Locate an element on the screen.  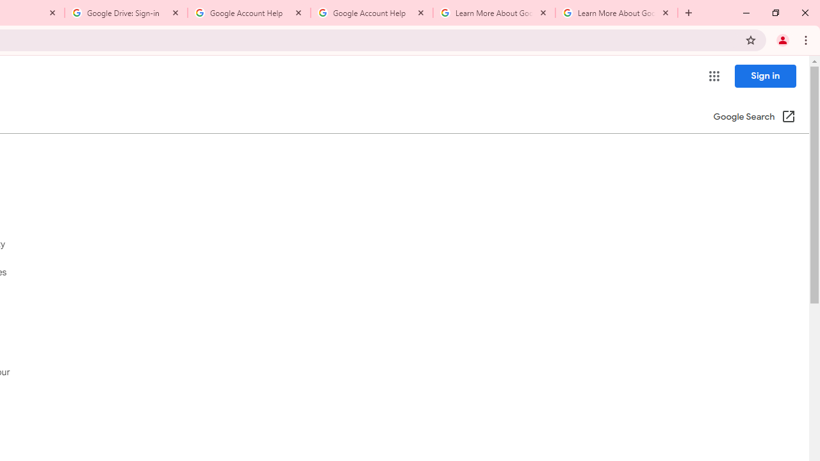
'Google Search (Open in a new window)' is located at coordinates (755, 117).